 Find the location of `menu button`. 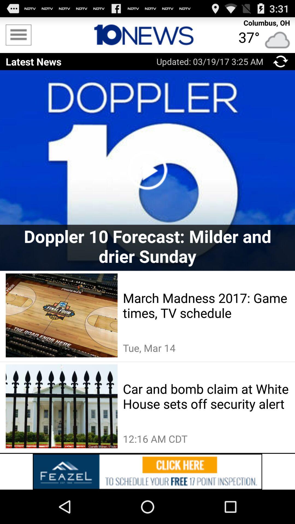

menu button is located at coordinates (281, 61).